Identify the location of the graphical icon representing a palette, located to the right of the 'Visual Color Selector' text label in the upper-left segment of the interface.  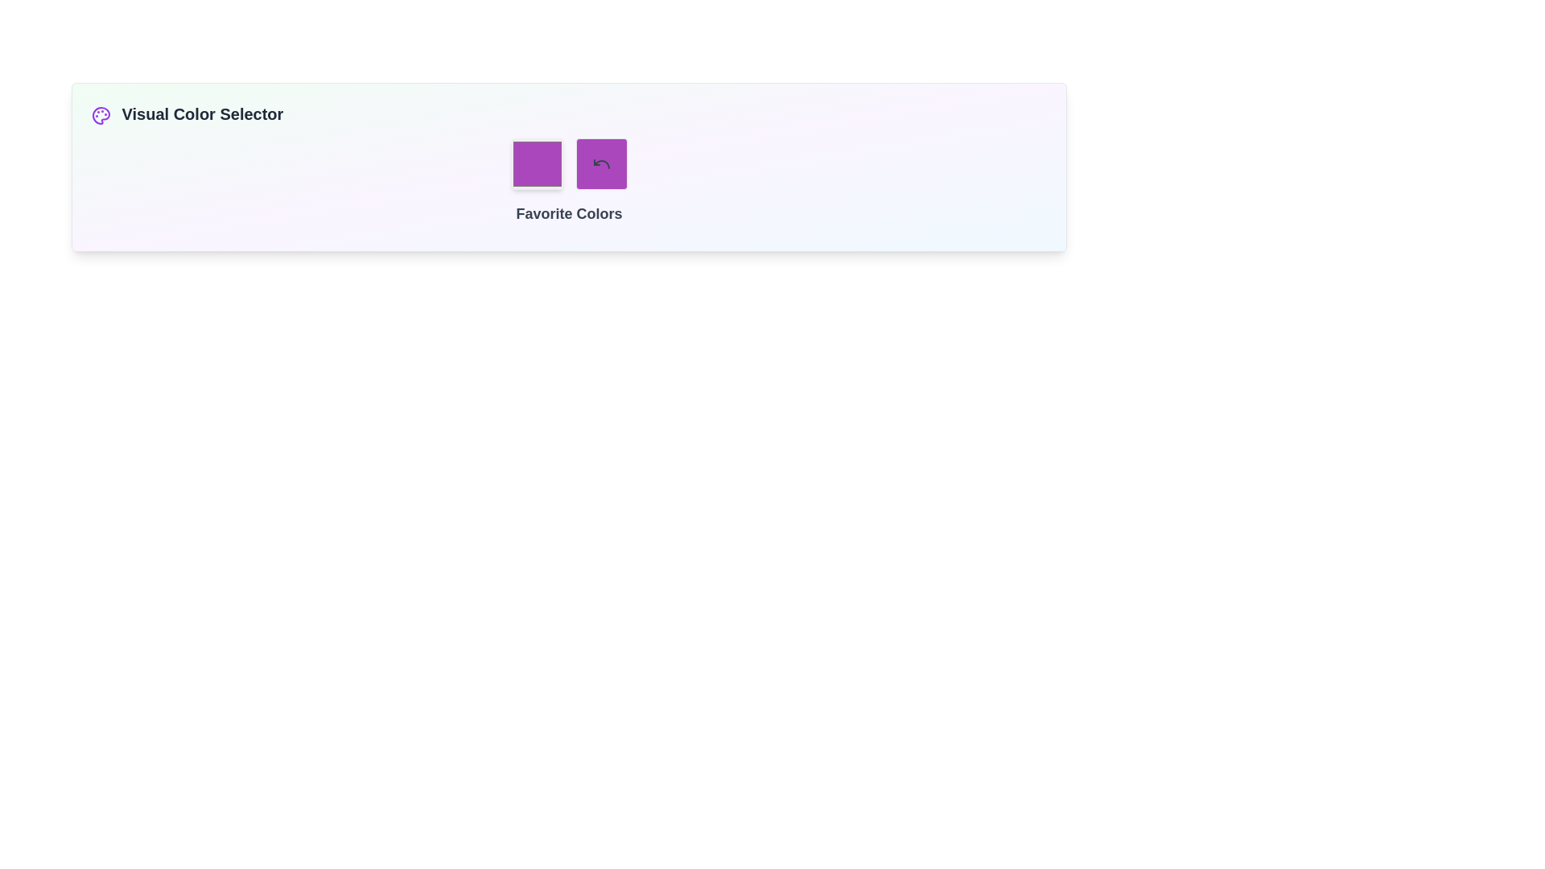
(100, 114).